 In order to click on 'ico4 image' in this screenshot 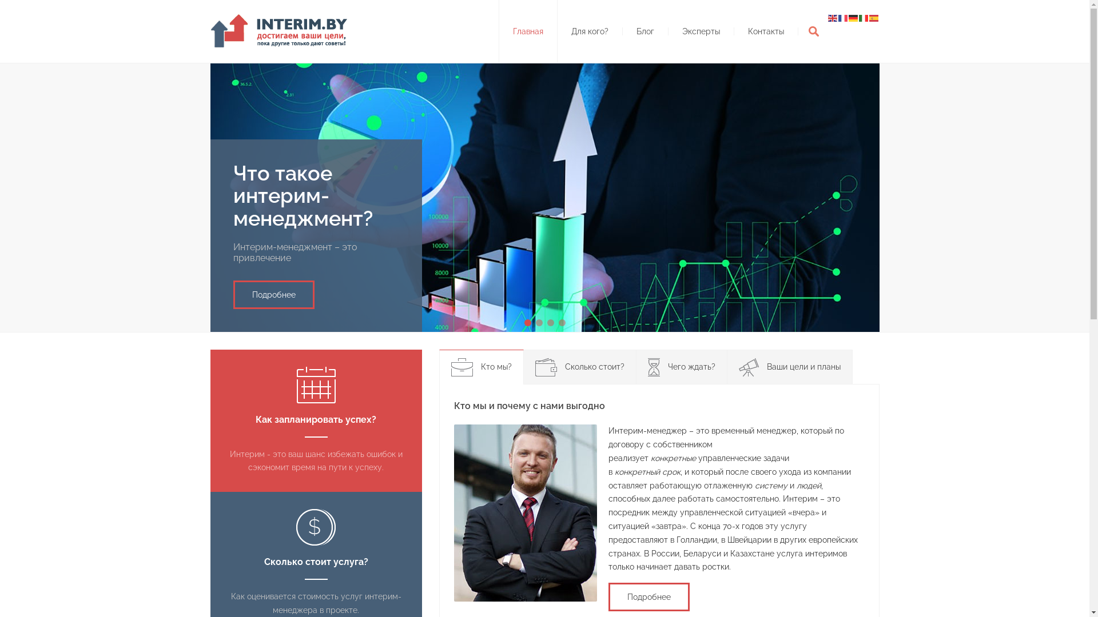, I will do `click(738, 367)`.